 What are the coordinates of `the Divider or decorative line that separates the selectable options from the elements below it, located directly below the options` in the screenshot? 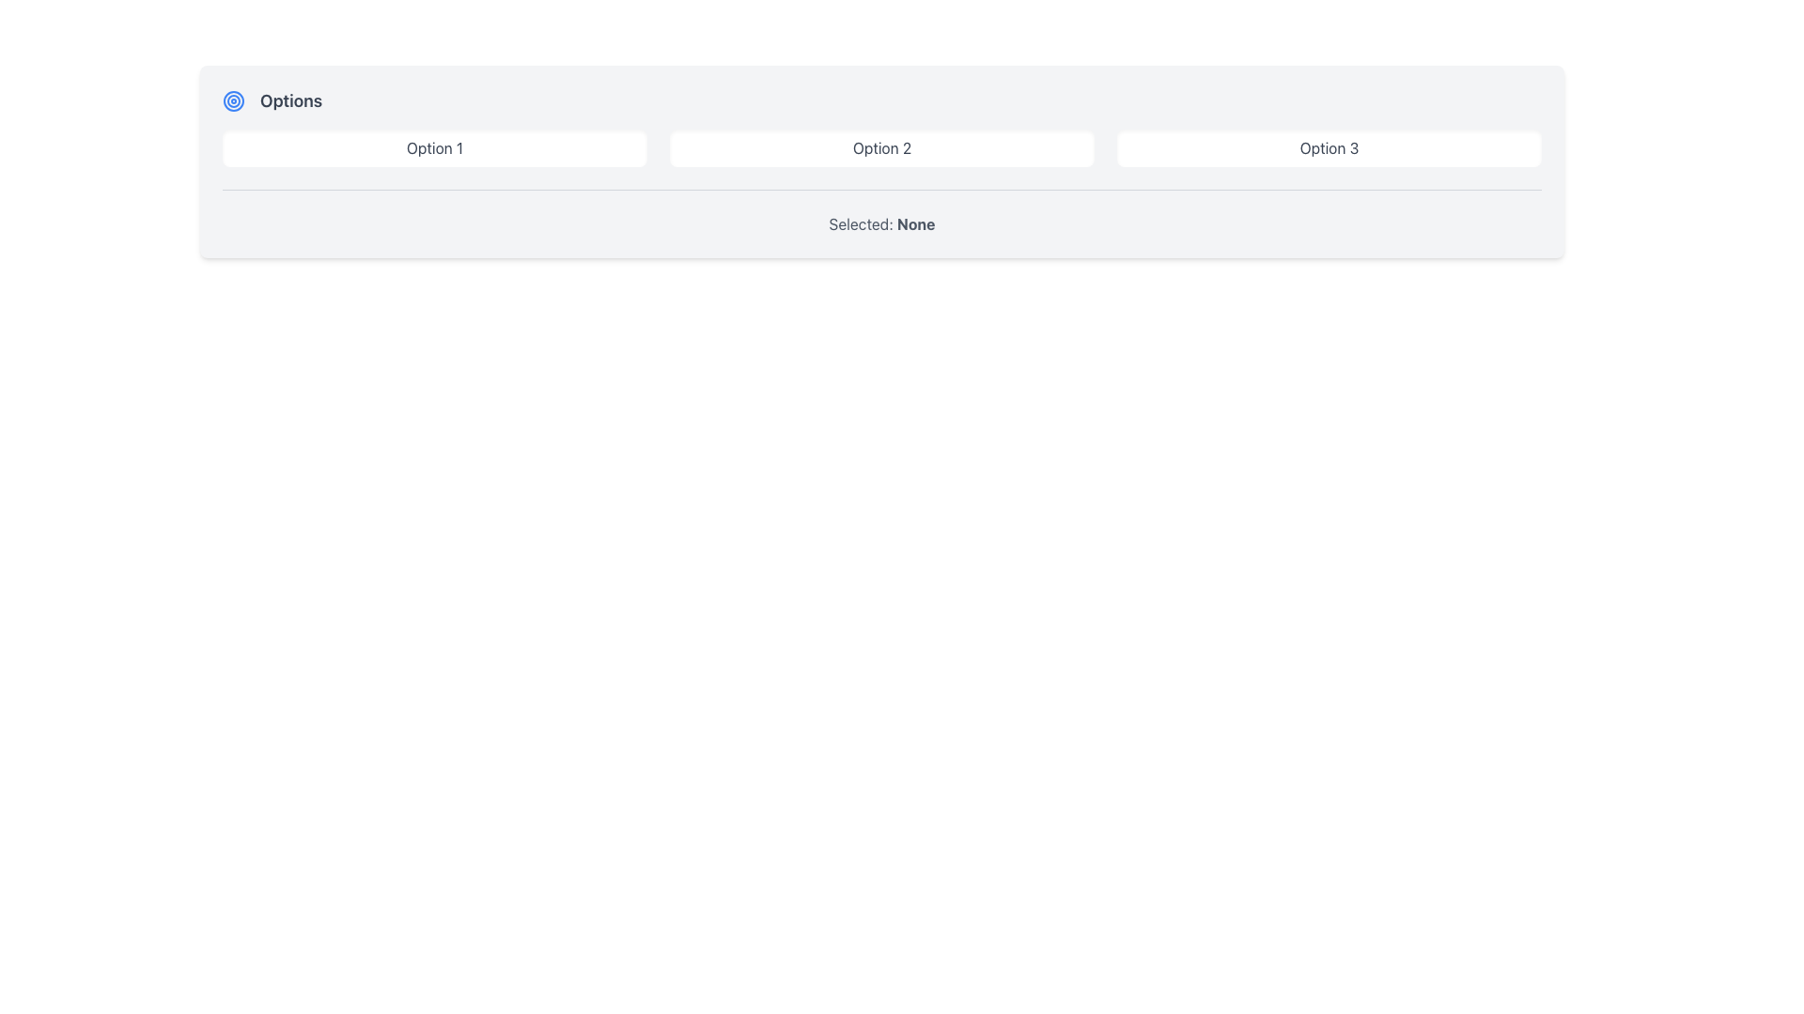 It's located at (881, 190).